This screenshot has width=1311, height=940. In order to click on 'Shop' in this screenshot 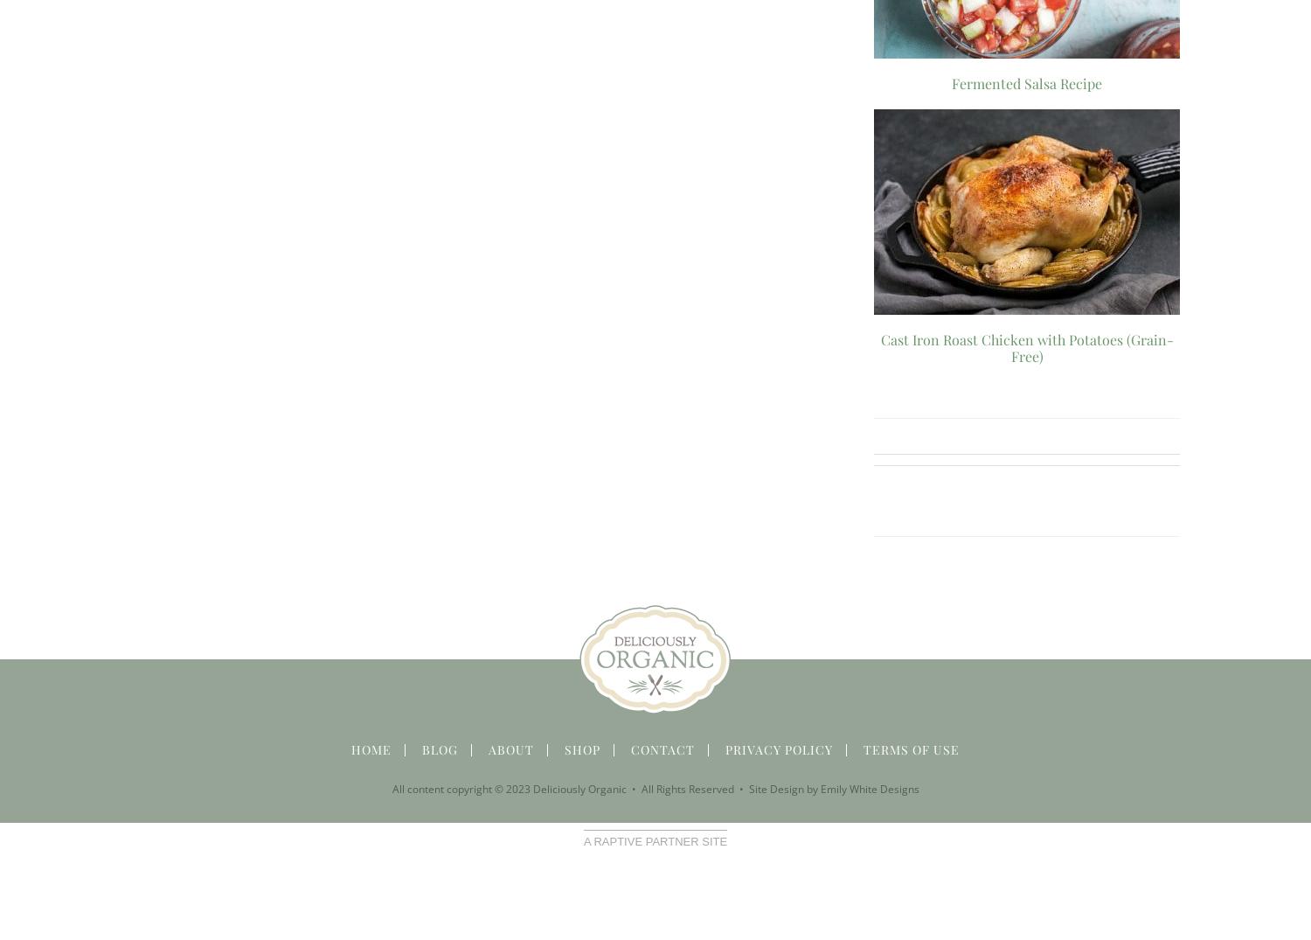, I will do `click(582, 749)`.